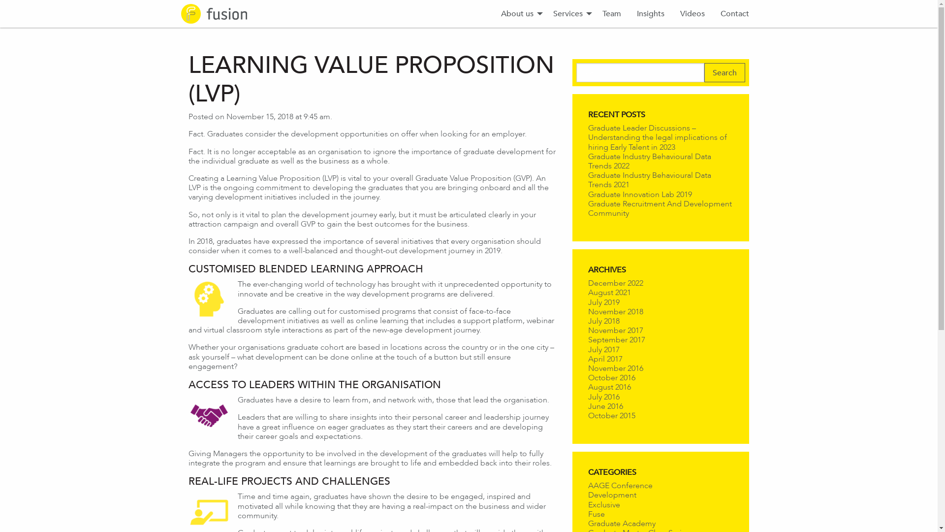 This screenshot has height=532, width=945. Describe the element at coordinates (588, 415) in the screenshot. I see `'October 2015'` at that location.